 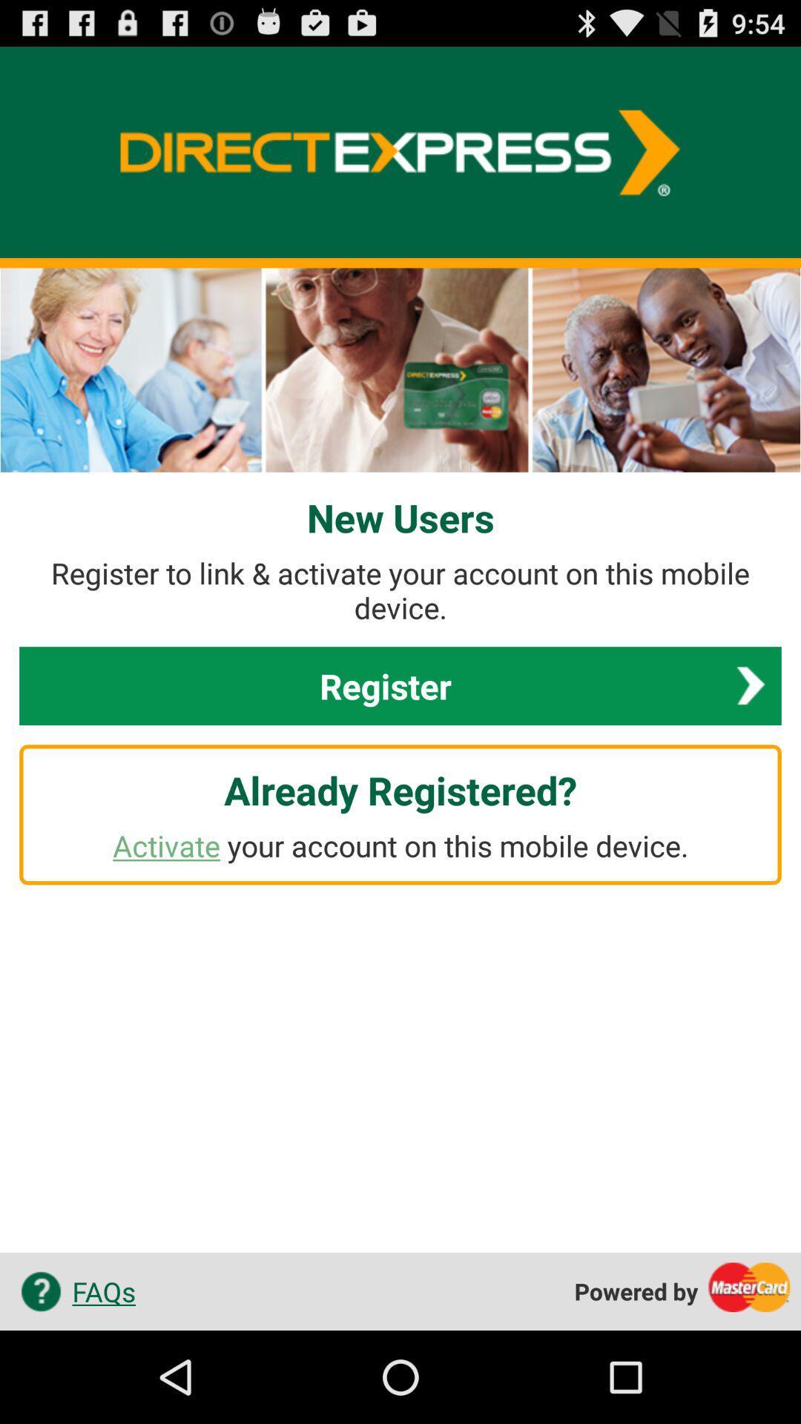 I want to click on app at the bottom left corner, so click(x=73, y=1290).